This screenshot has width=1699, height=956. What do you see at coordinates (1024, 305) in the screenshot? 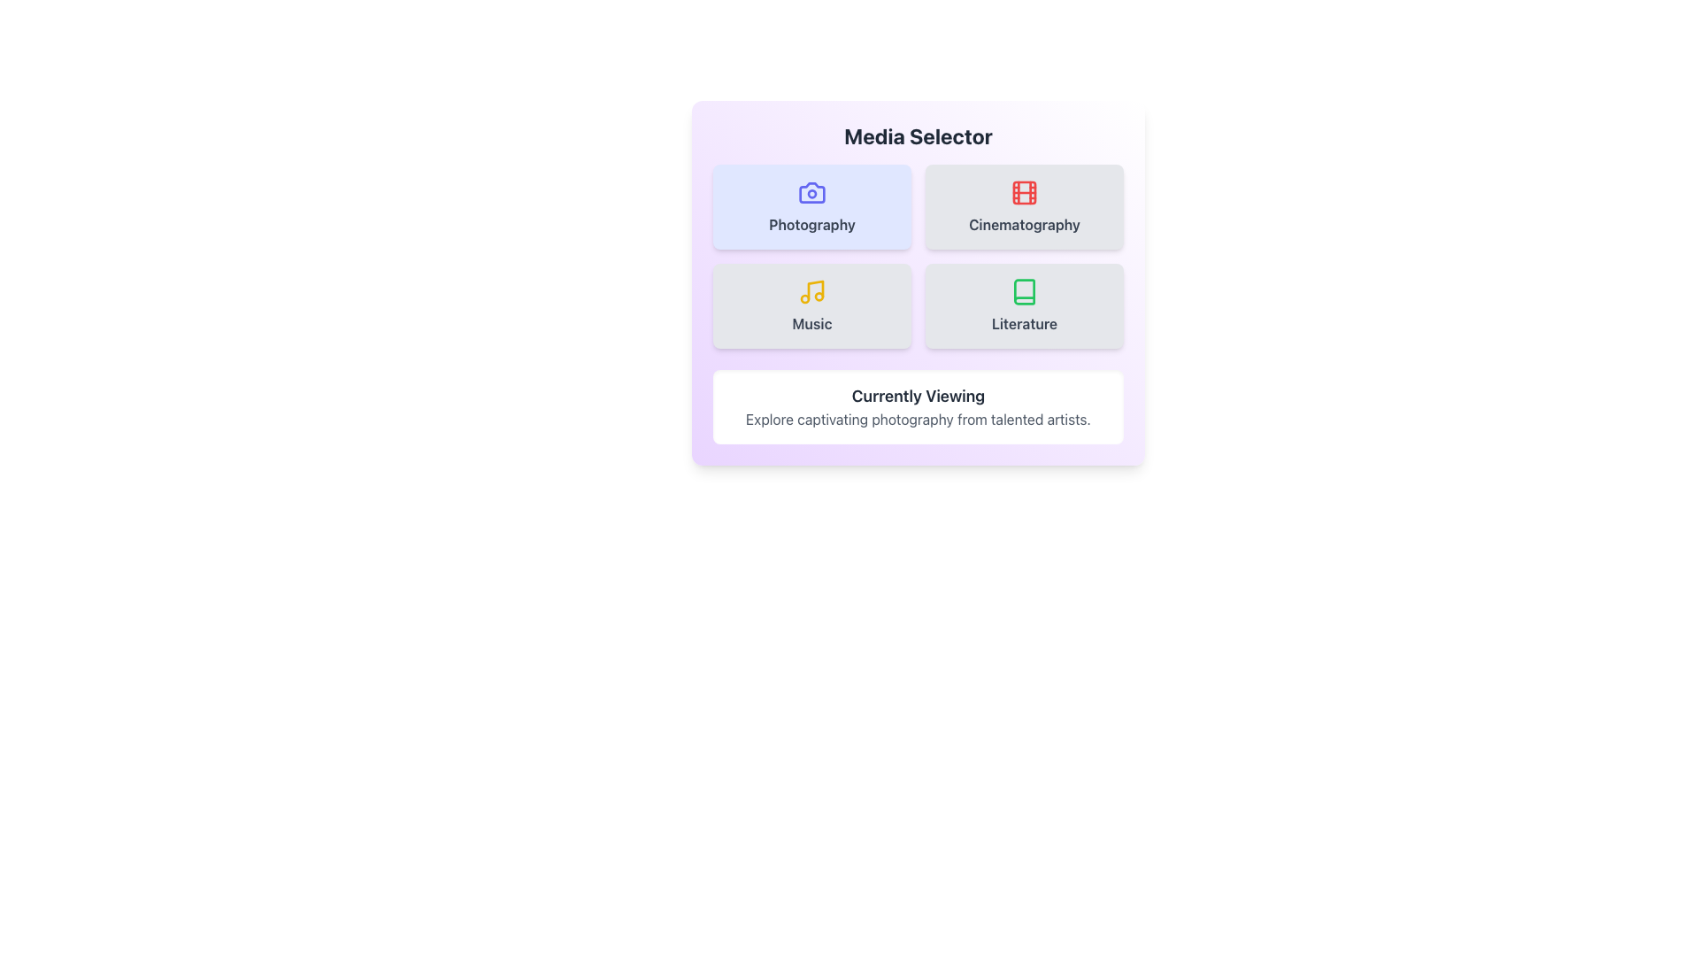
I see `the 'Literature' button in the Media Selector grid` at bounding box center [1024, 305].